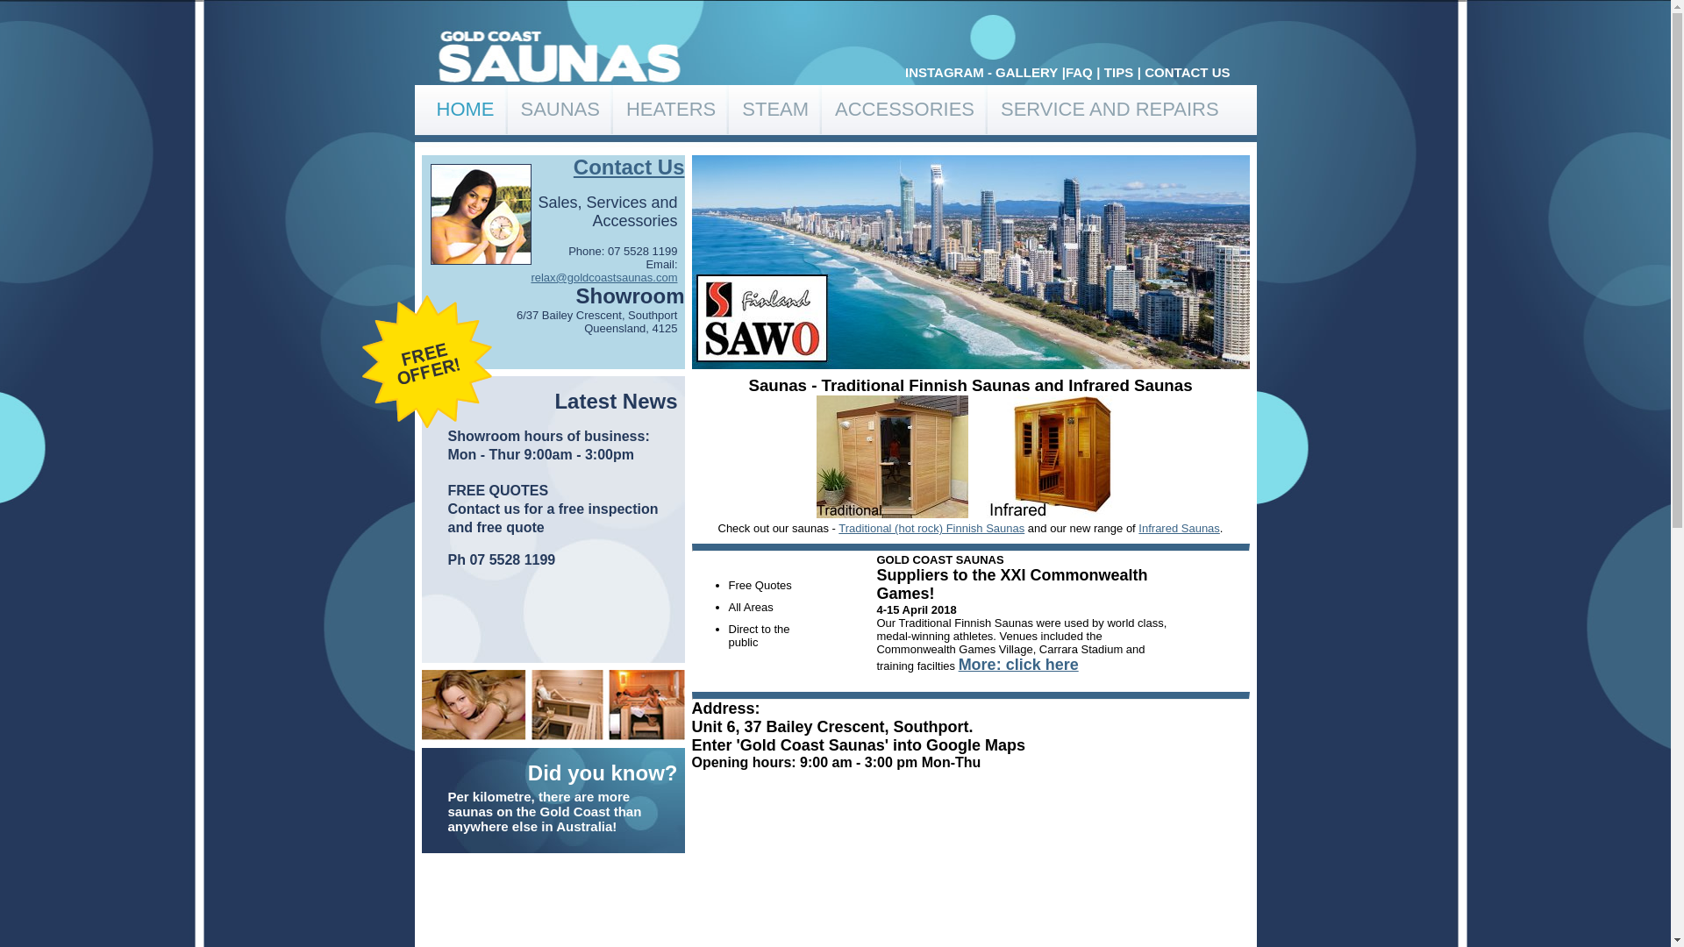 This screenshot has width=1684, height=947. What do you see at coordinates (958, 666) in the screenshot?
I see `'More: click here'` at bounding box center [958, 666].